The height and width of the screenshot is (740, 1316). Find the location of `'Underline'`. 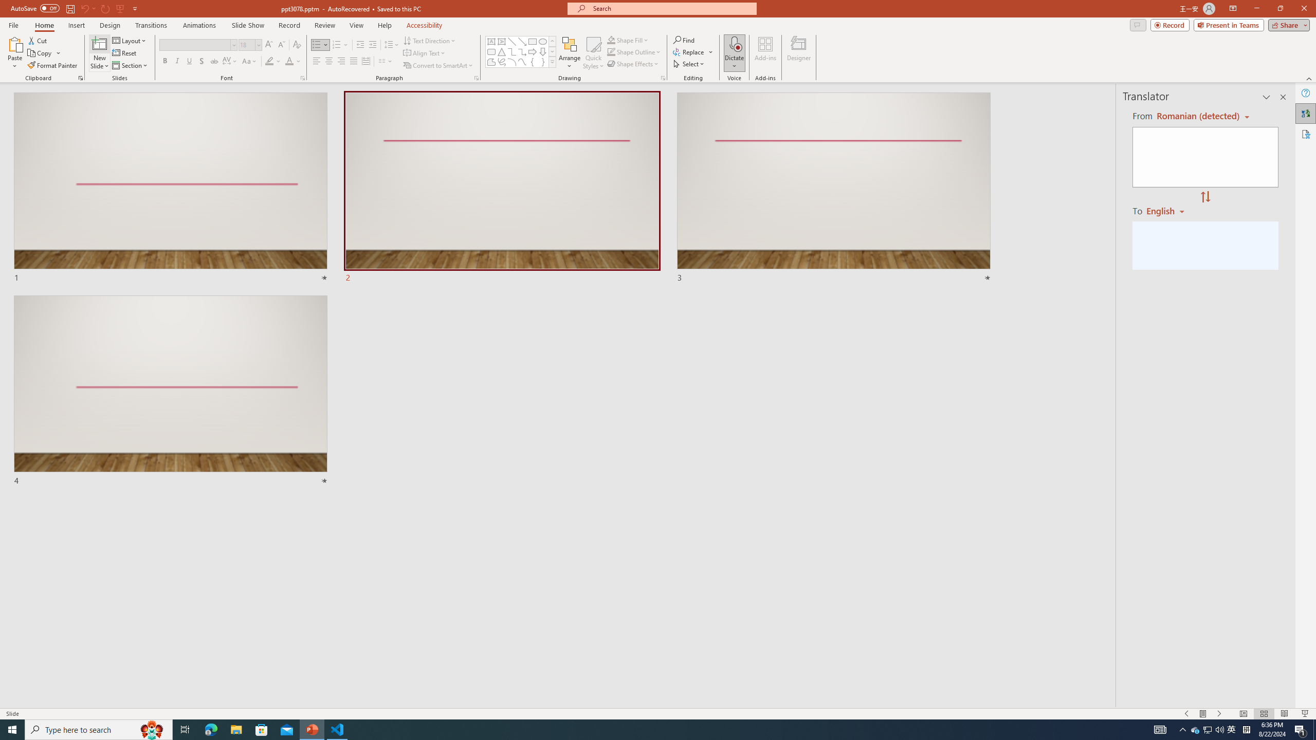

'Underline' is located at coordinates (189, 61).